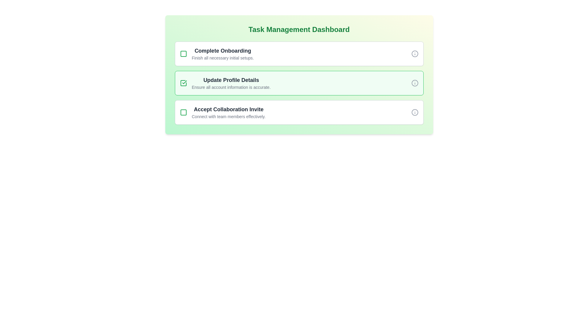 The width and height of the screenshot is (574, 323). Describe the element at coordinates (299, 83) in the screenshot. I see `the checkbox of the second checklist item in the Task Management Dashboard` at that location.